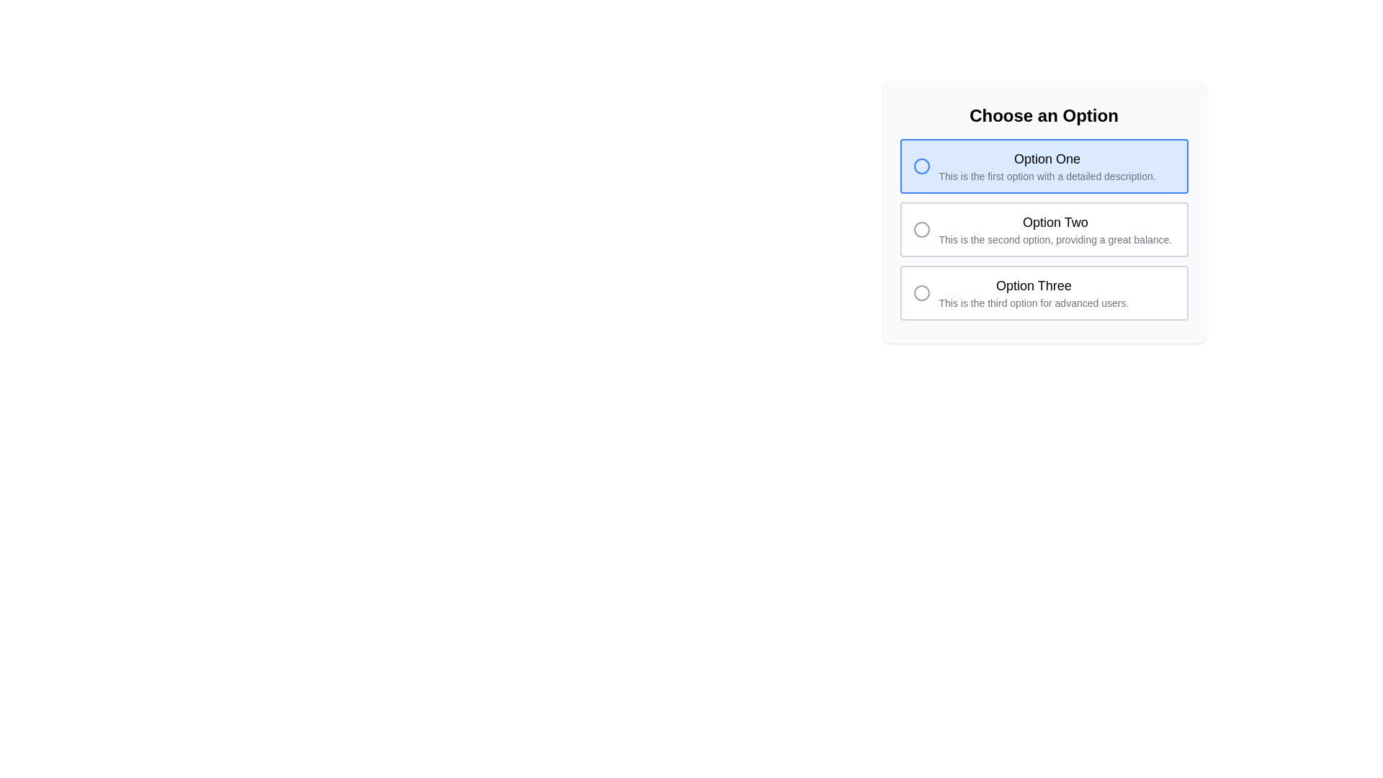 The image size is (1383, 778). Describe the element at coordinates (921, 166) in the screenshot. I see `the circular graphical element of the radio button labeled 'Option One'` at that location.